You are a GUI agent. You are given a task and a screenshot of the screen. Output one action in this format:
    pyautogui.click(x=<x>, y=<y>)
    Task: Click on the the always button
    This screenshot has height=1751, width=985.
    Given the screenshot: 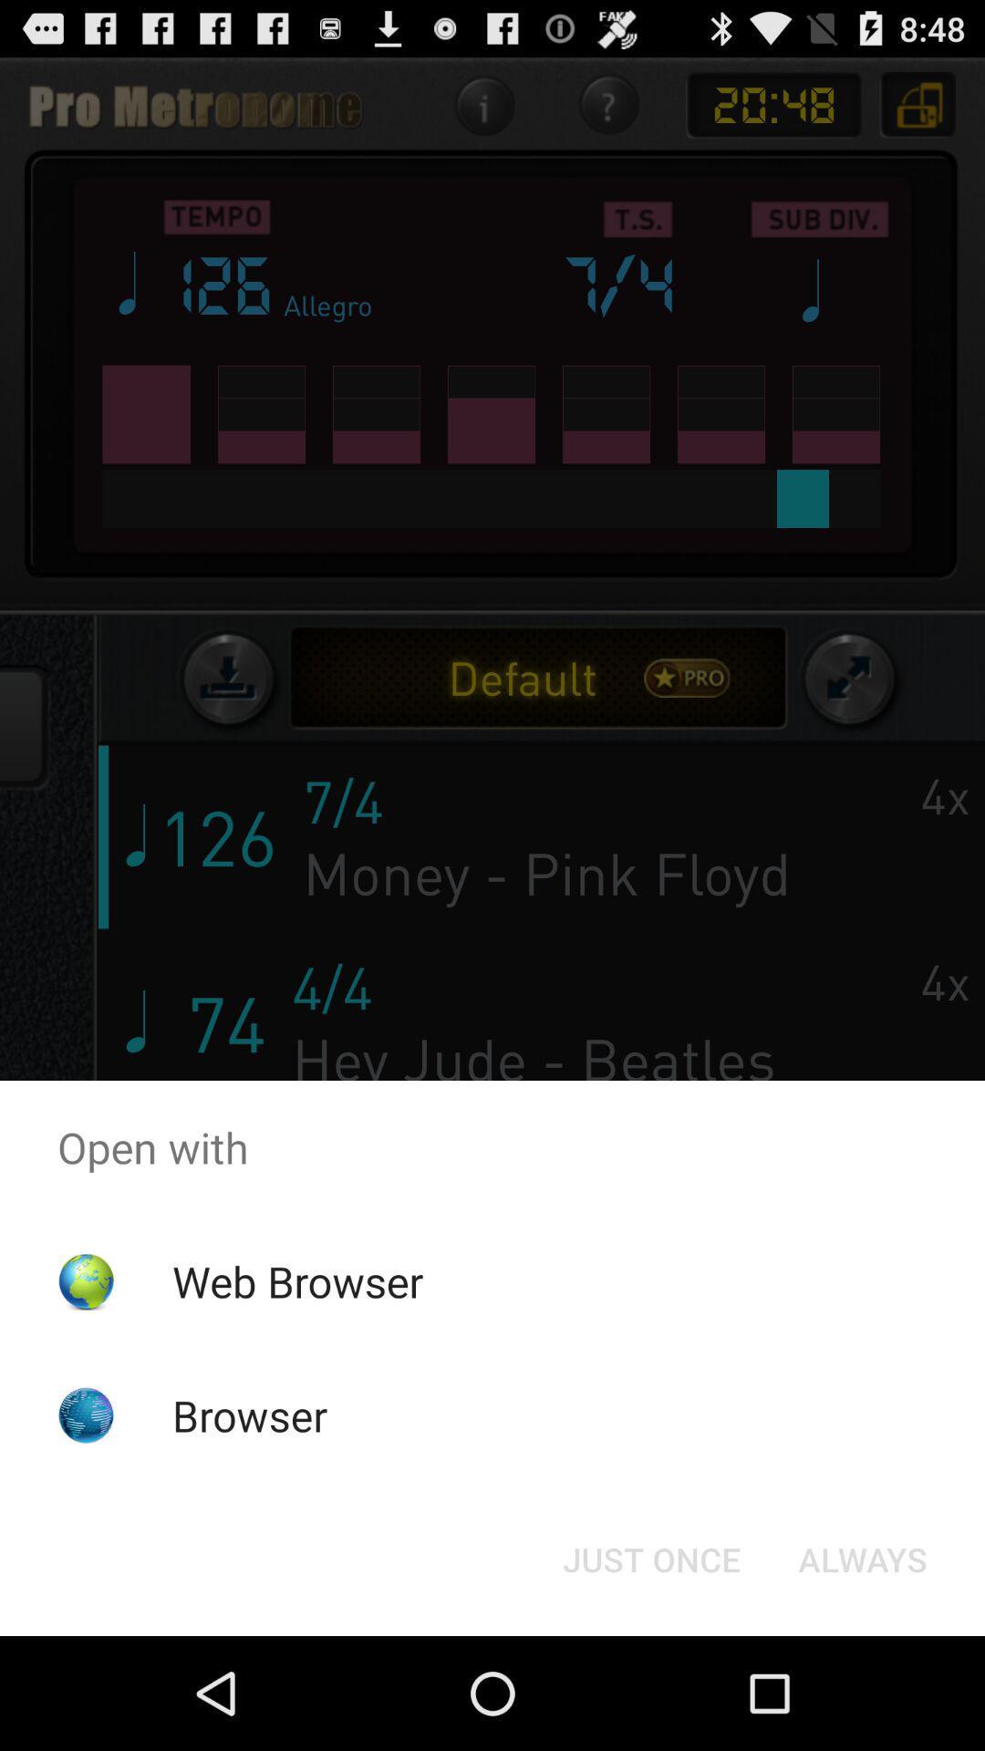 What is the action you would take?
    pyautogui.click(x=862, y=1558)
    